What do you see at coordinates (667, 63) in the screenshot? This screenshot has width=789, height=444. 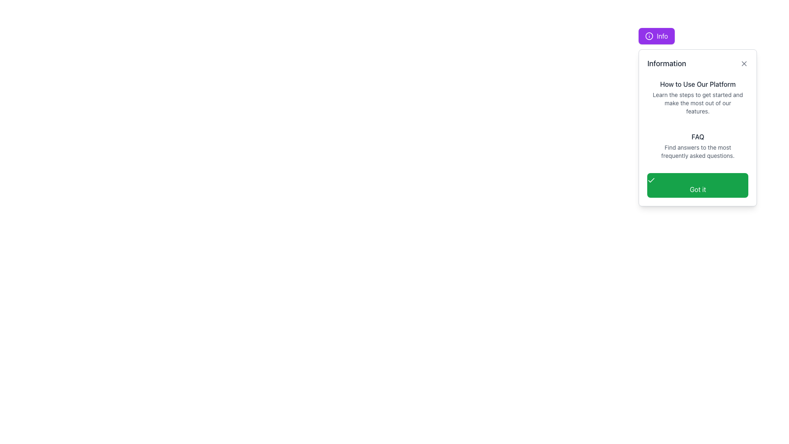 I see `the bold text label reading 'Information', which is styled in black sans-serif font and positioned at the top left of the popup` at bounding box center [667, 63].